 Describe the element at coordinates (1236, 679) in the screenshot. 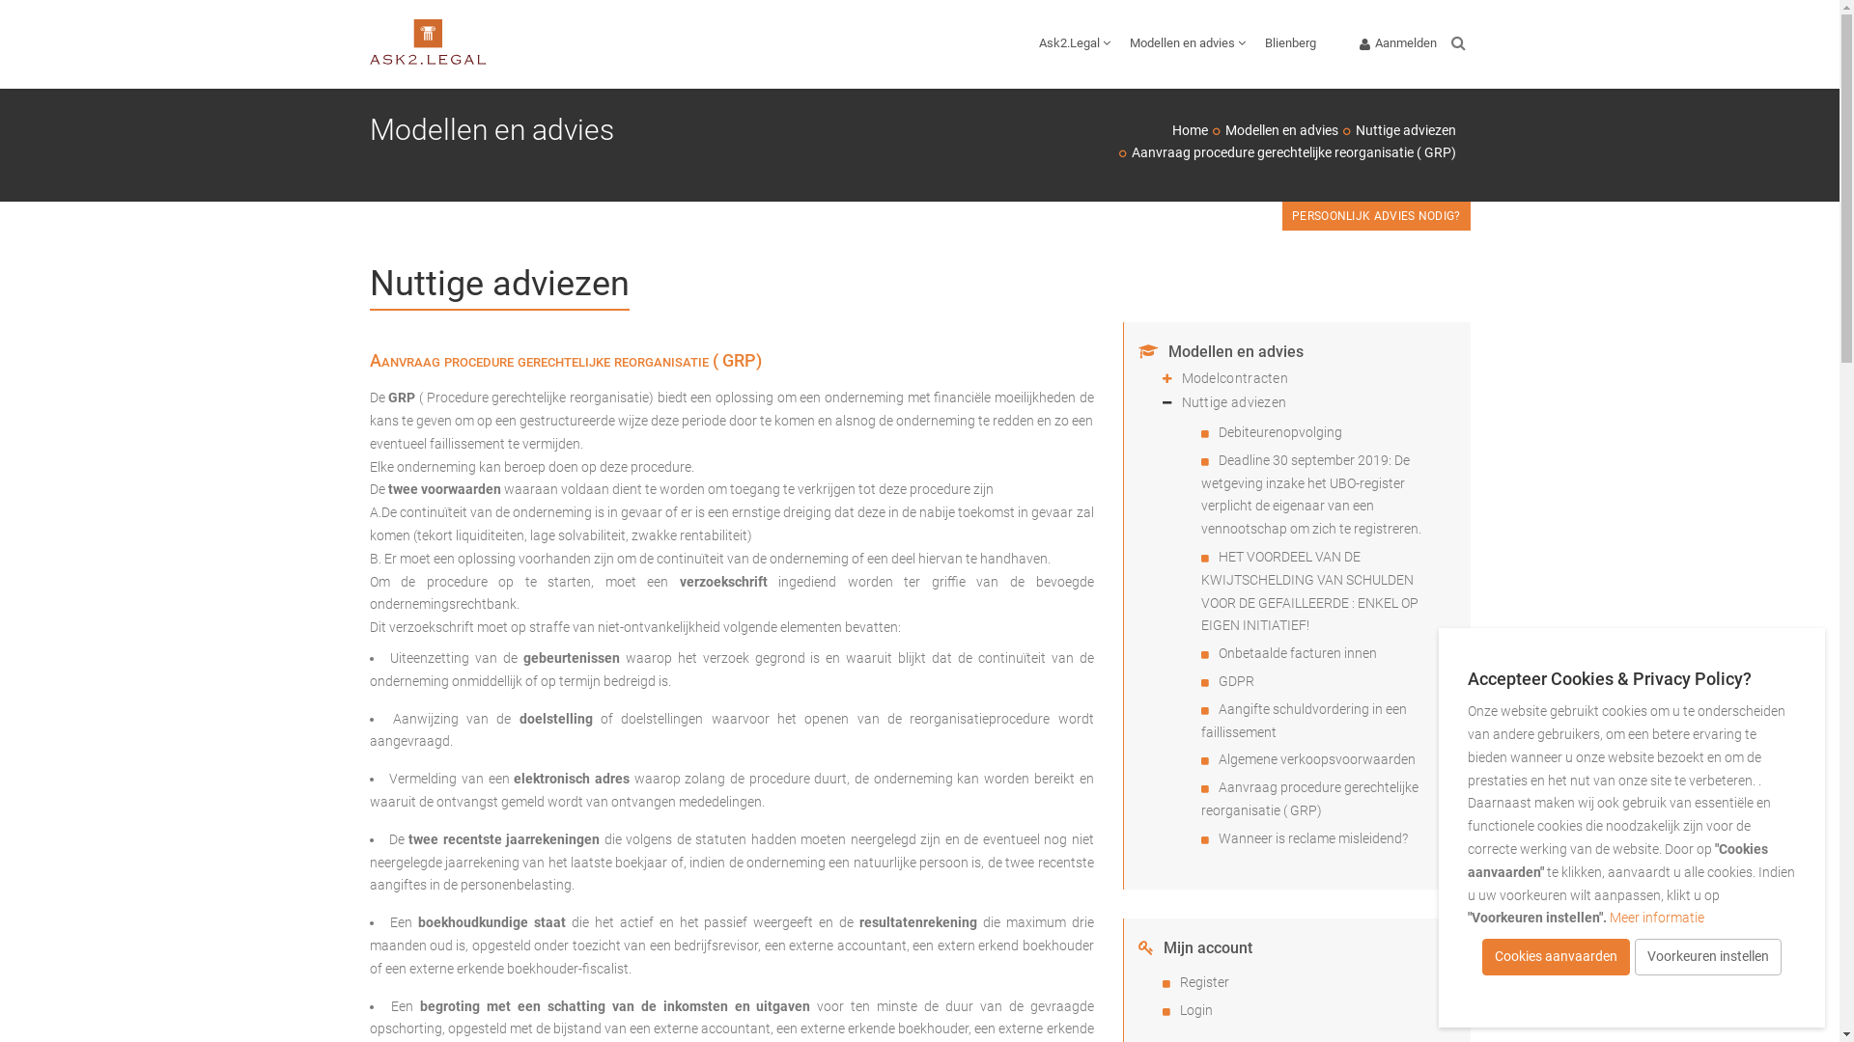

I see `'GDPR'` at that location.